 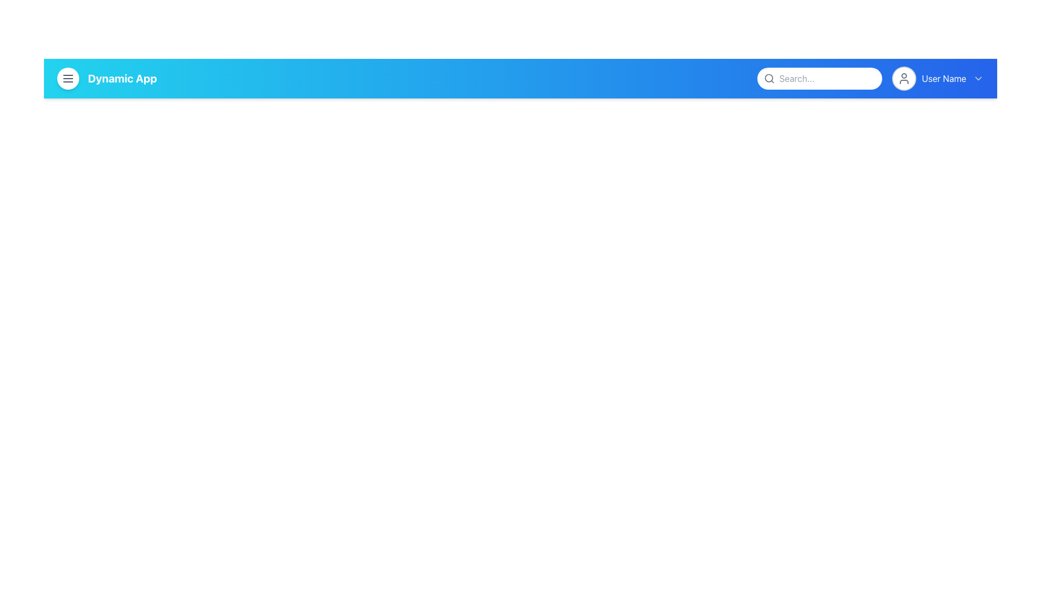 I want to click on the text label that reads 'Dynamic App', which is styled in bold with large white text against a blue gradient background, located in the navigation bar's left section, so click(x=122, y=78).